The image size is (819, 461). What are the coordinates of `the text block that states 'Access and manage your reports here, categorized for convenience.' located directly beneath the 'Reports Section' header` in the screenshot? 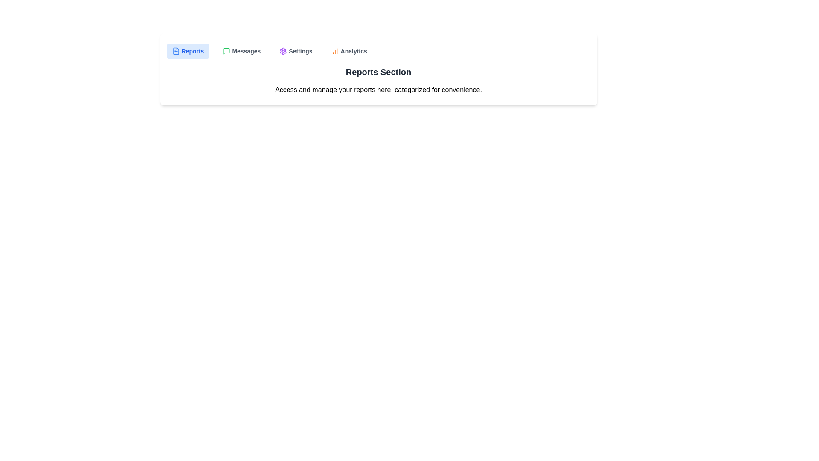 It's located at (378, 90).